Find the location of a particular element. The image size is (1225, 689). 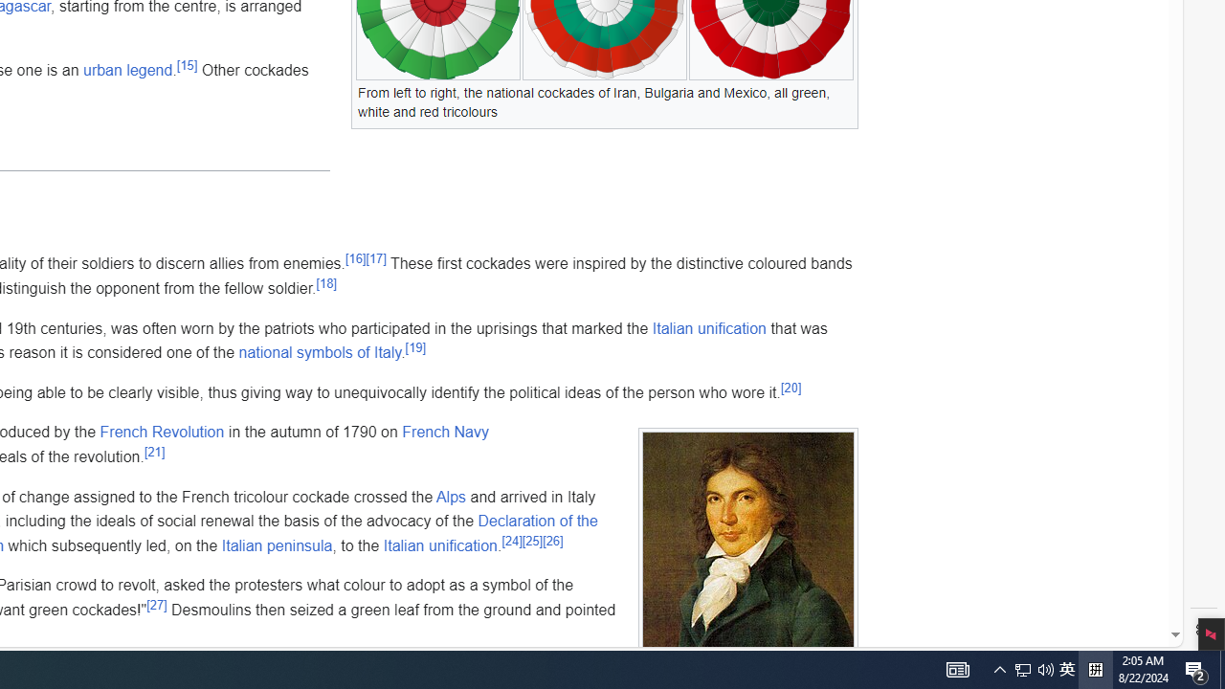

'[16]' is located at coordinates (355, 259).